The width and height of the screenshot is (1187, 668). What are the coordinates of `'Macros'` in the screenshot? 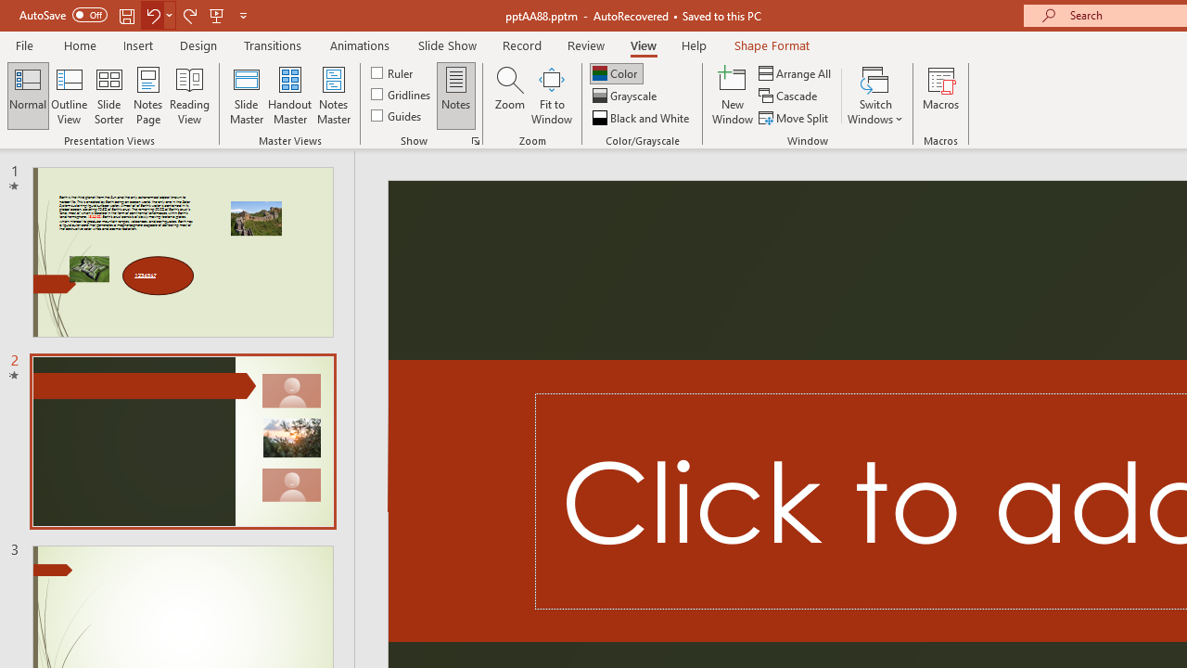 It's located at (941, 96).